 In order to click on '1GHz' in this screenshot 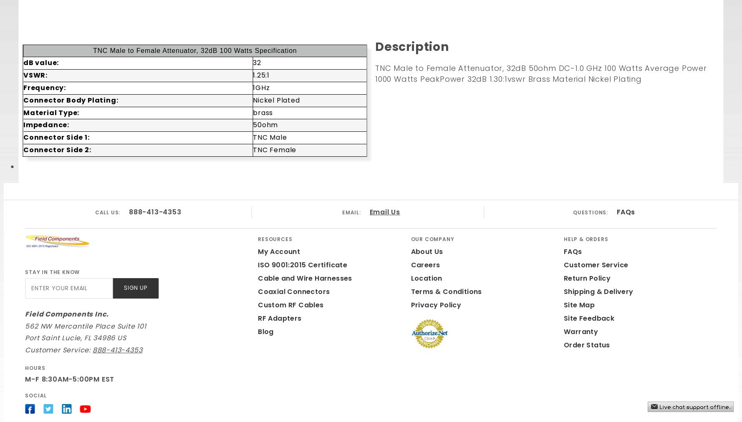, I will do `click(261, 87)`.